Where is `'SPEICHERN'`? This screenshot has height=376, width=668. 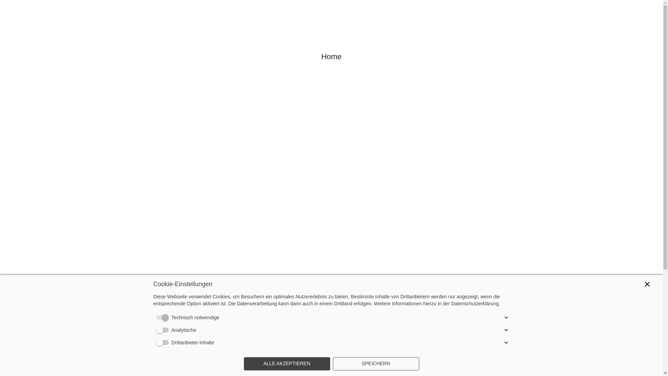 'SPEICHERN' is located at coordinates (375, 363).